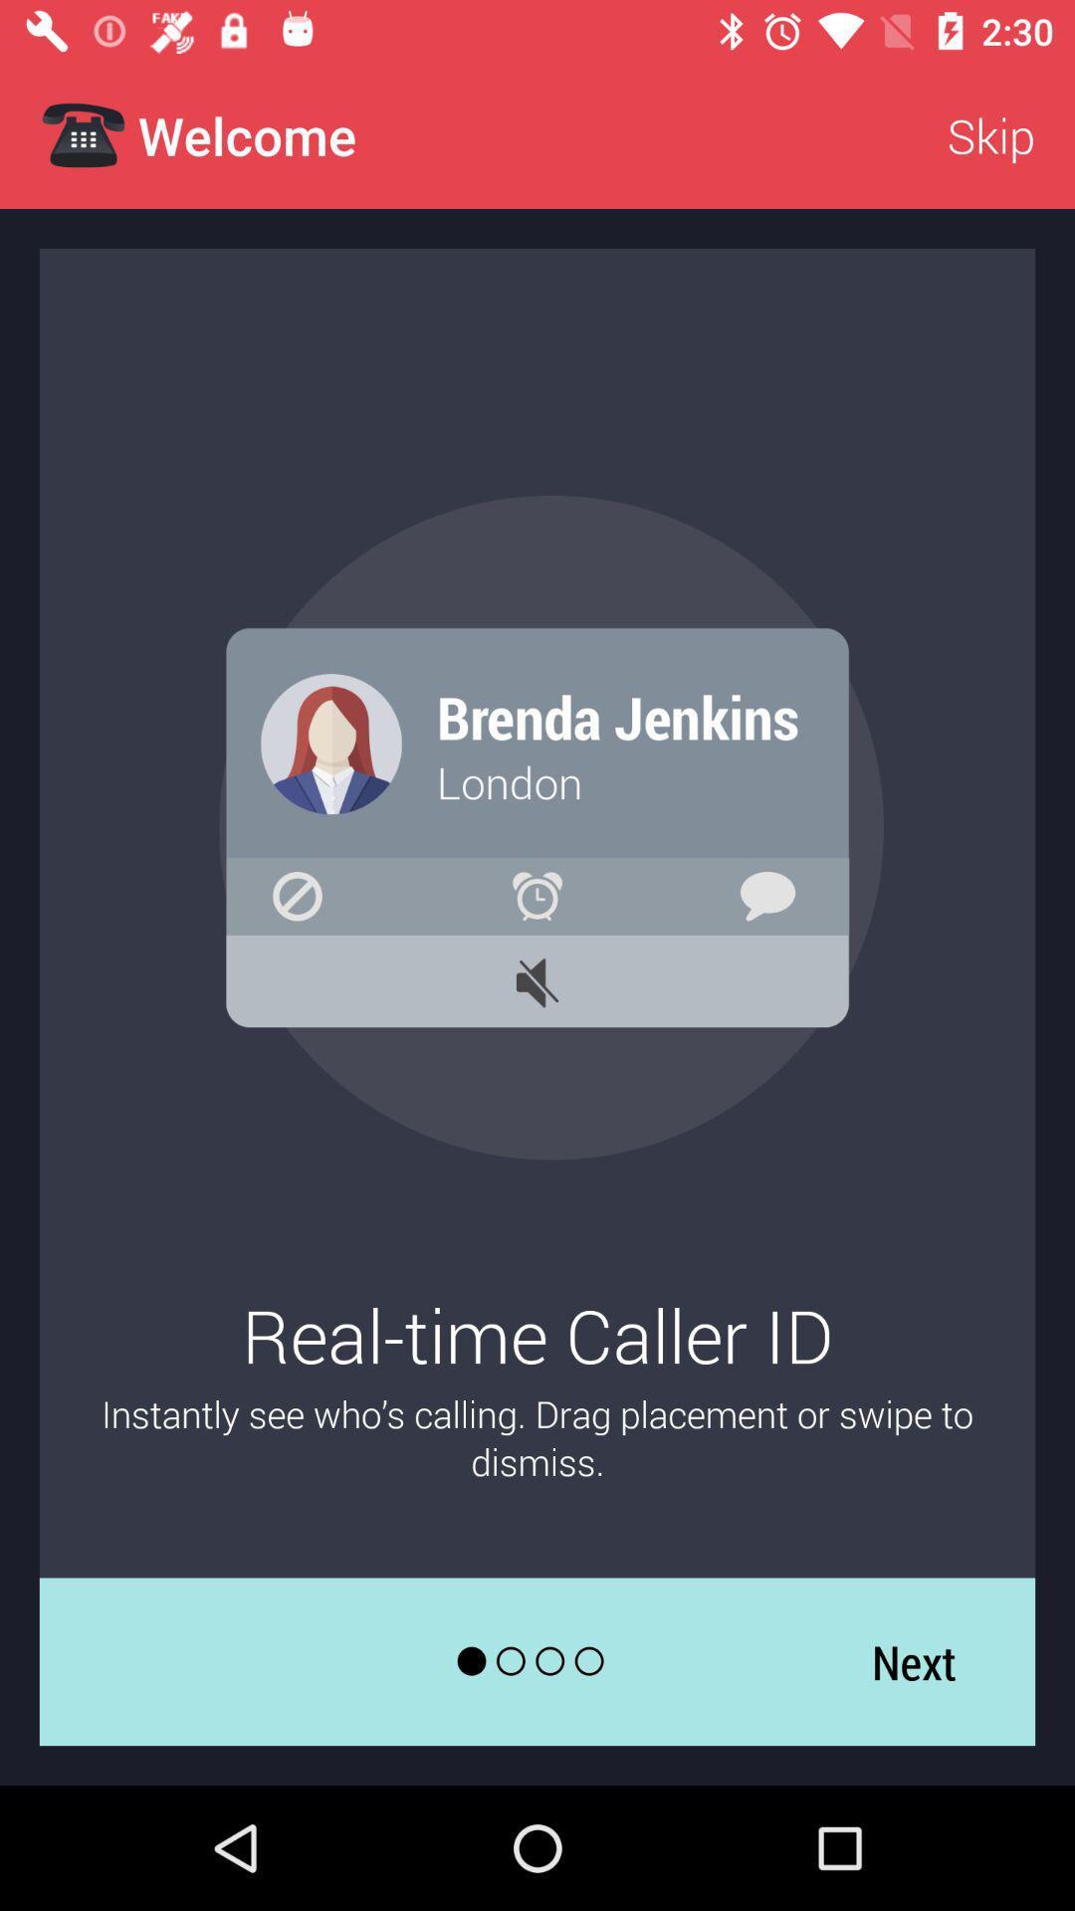 The image size is (1075, 1911). What do you see at coordinates (914, 1661) in the screenshot?
I see `the next at the bottom right corner` at bounding box center [914, 1661].